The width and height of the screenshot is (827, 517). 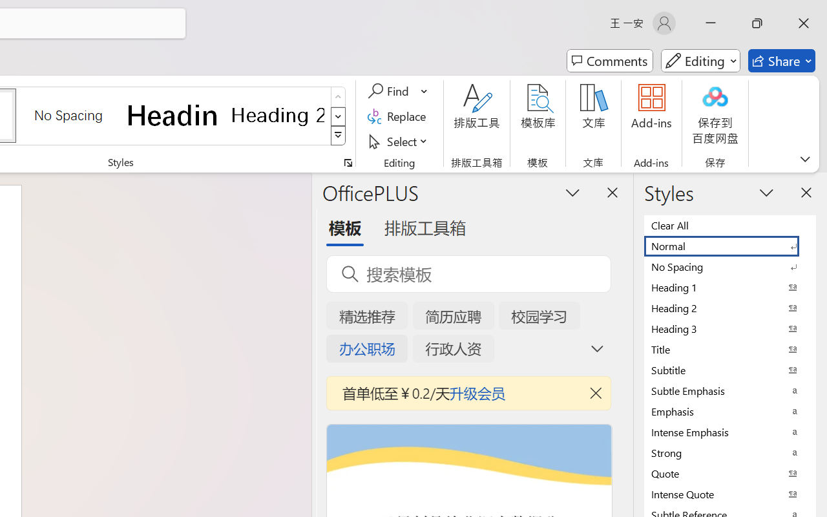 What do you see at coordinates (730, 472) in the screenshot?
I see `'Quote'` at bounding box center [730, 472].